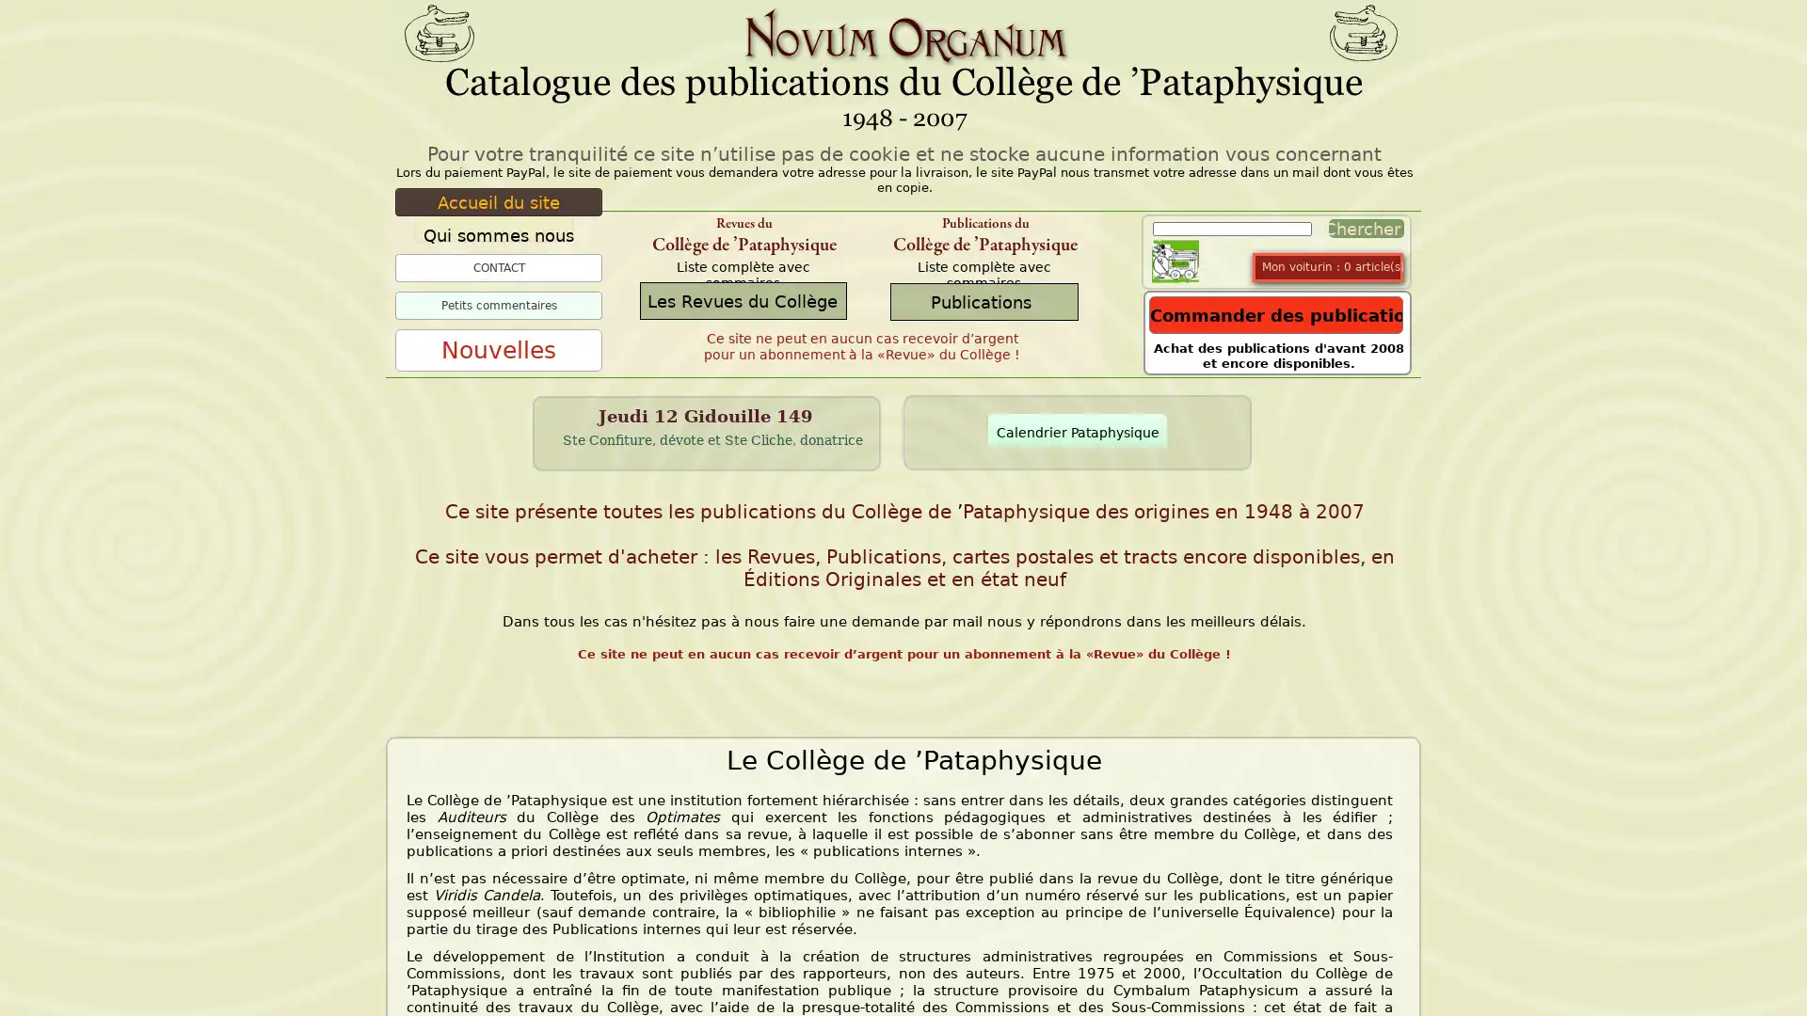 The width and height of the screenshot is (1807, 1016). I want to click on Commander des publications, so click(1276, 314).